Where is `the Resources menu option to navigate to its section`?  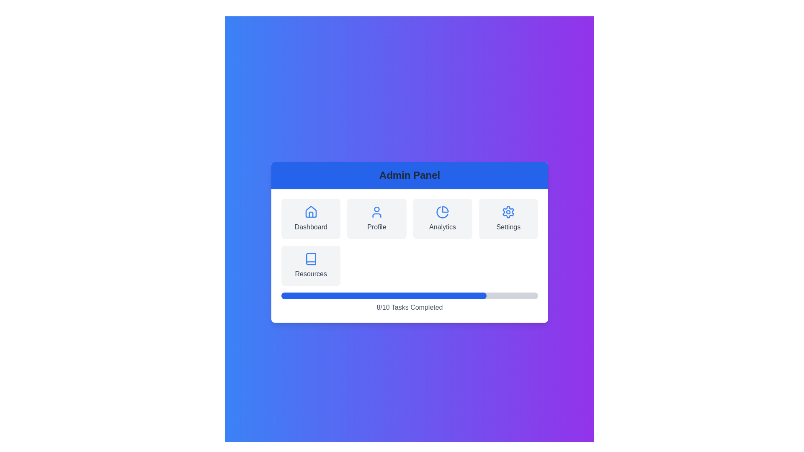
the Resources menu option to navigate to its section is located at coordinates (310, 266).